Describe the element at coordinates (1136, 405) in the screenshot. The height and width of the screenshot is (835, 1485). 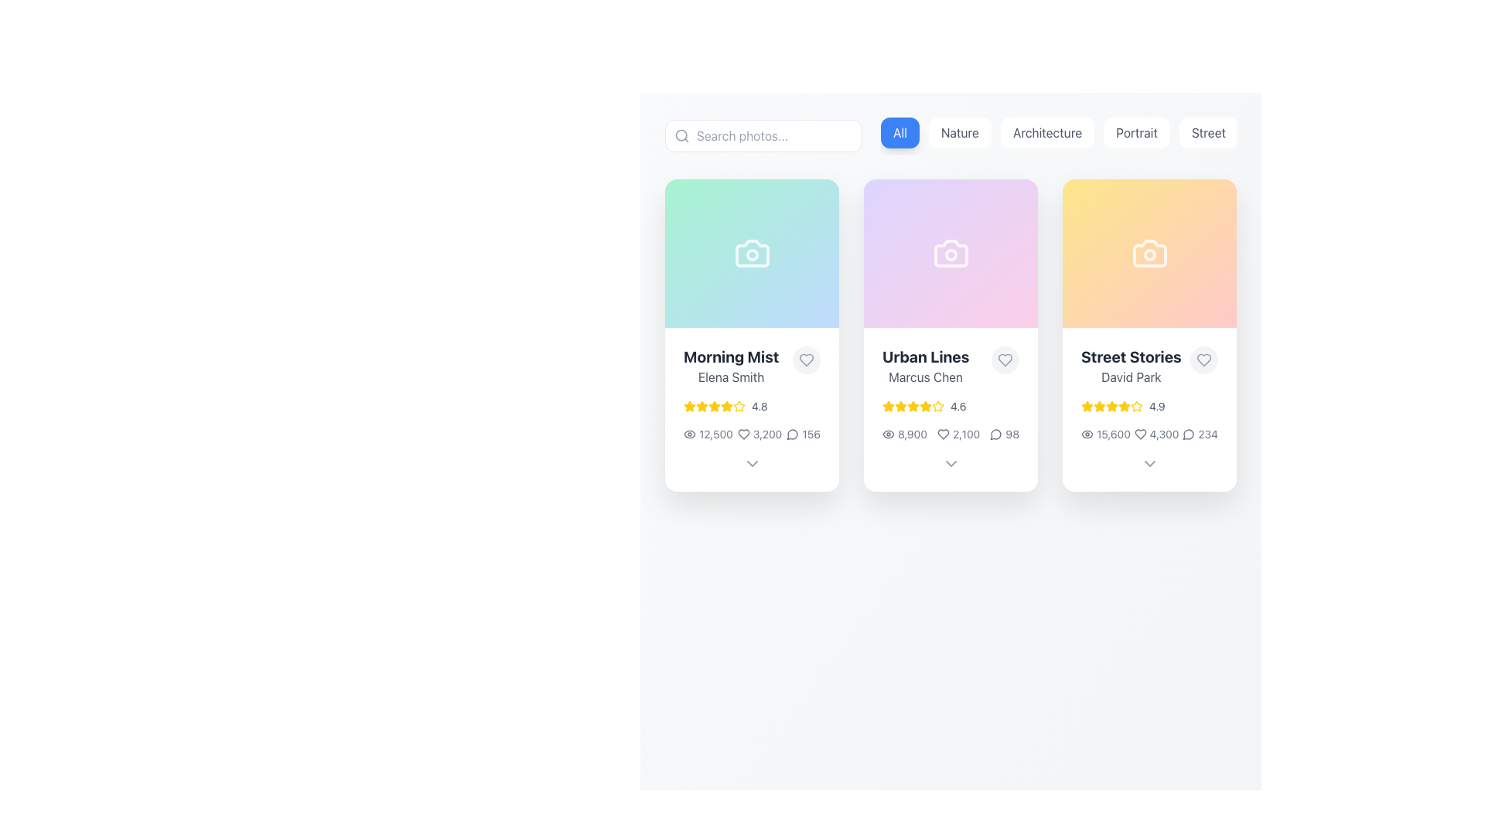
I see `the fifth star icon representing the maximum rating in the 'Street Stories' card` at that location.